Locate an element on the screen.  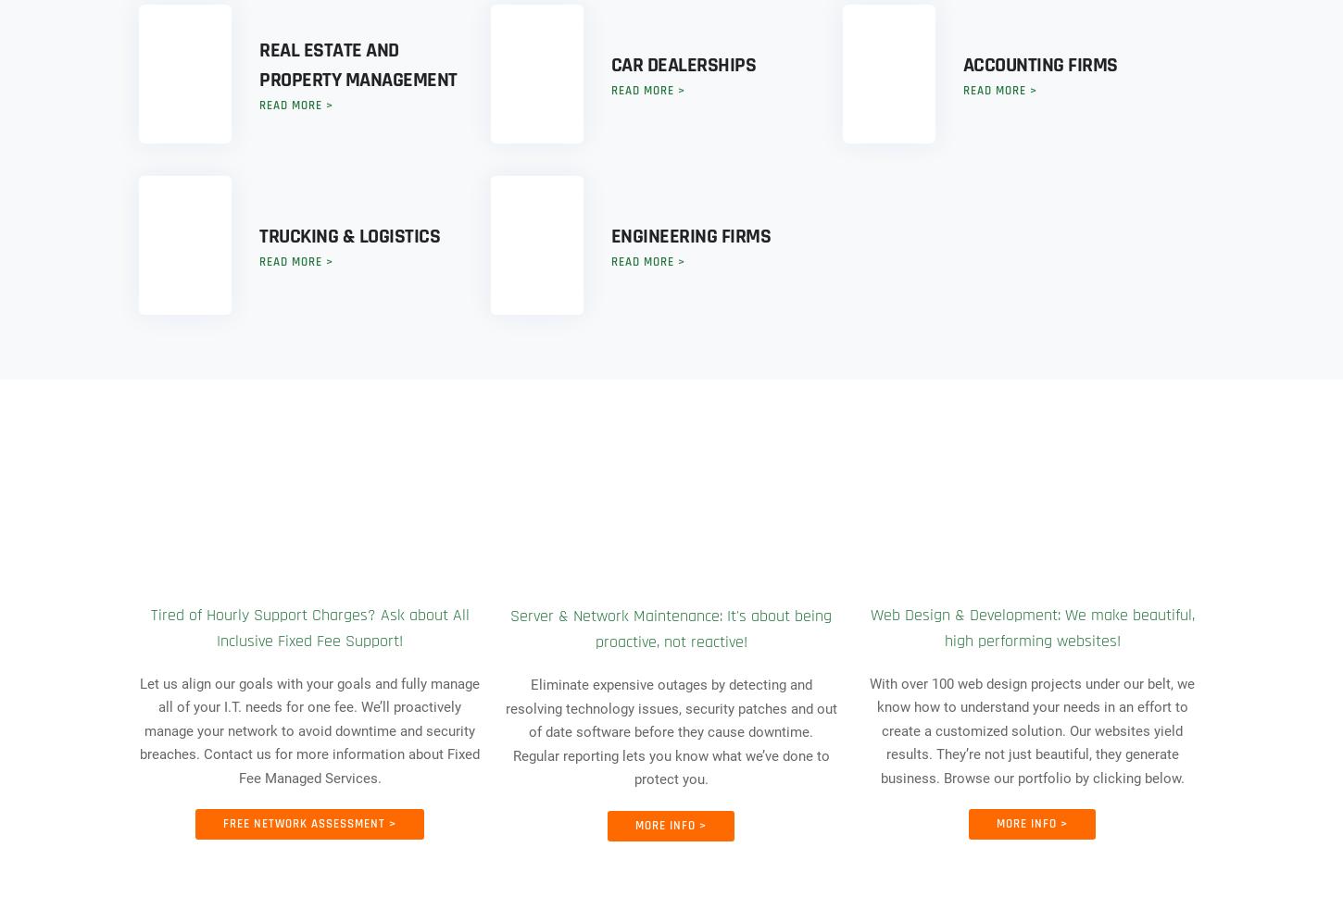
'CAR DEALERSHIPS' is located at coordinates (683, 65).